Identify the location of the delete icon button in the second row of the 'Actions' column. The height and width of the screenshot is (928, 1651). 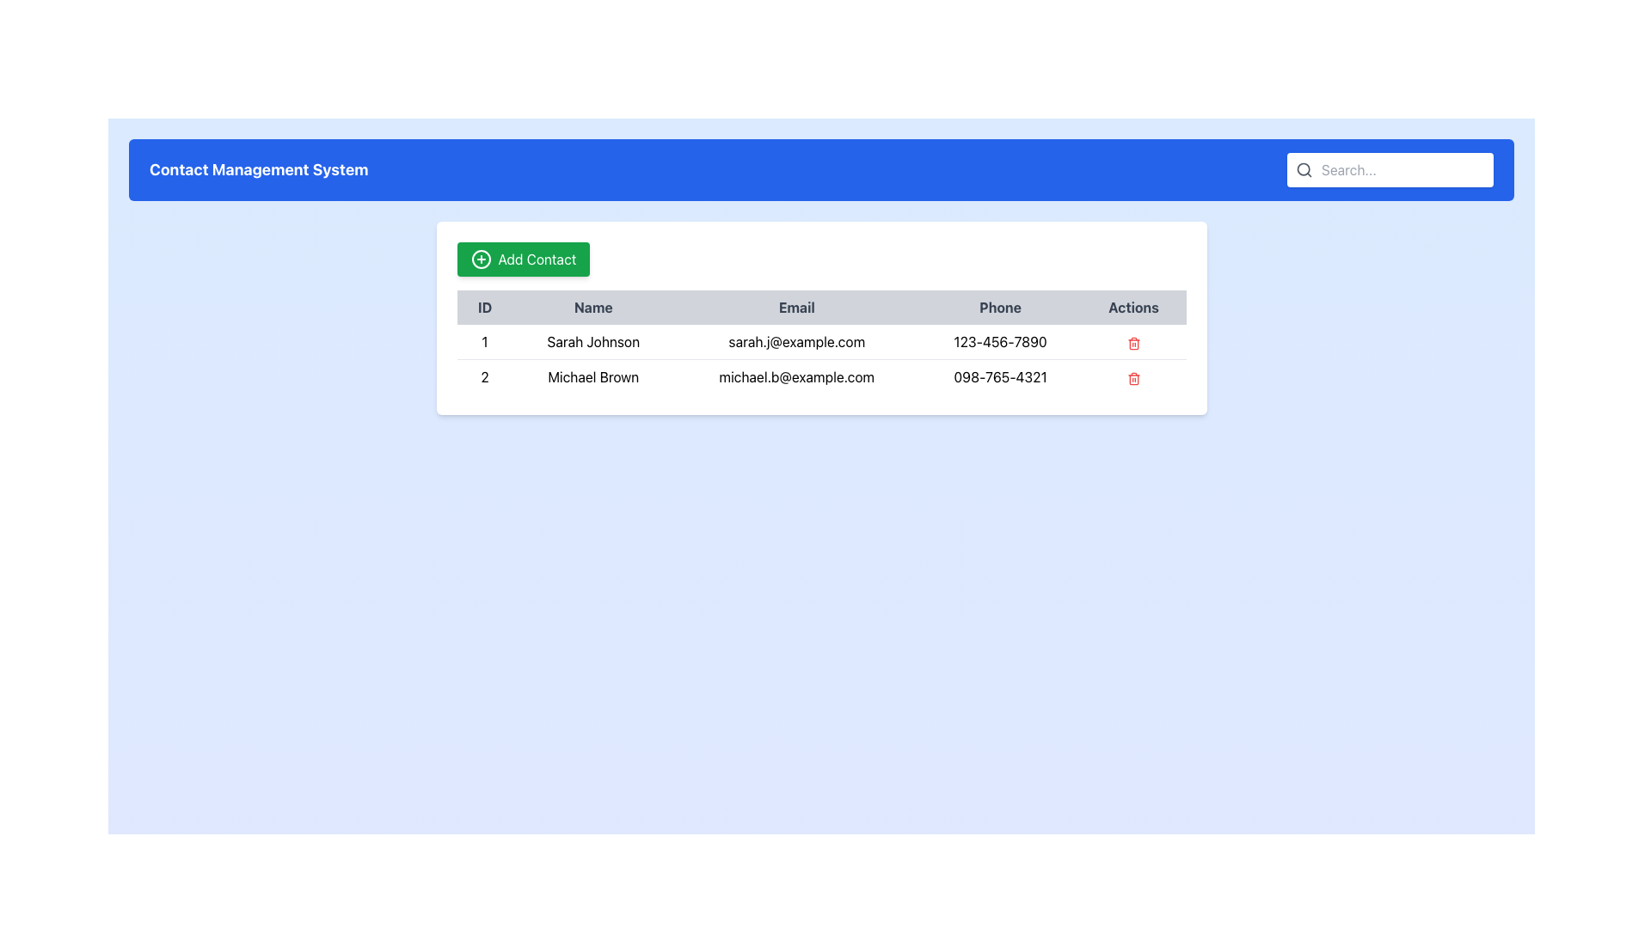
(1133, 341).